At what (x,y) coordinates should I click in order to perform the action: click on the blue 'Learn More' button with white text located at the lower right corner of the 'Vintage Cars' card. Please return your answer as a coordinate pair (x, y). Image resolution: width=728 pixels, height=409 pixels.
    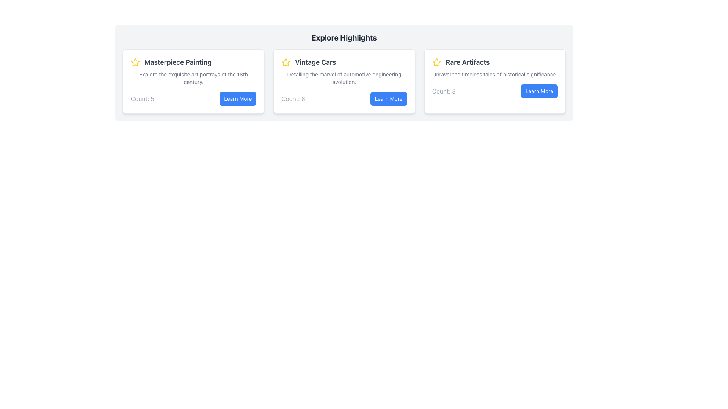
    Looking at the image, I should click on (389, 98).